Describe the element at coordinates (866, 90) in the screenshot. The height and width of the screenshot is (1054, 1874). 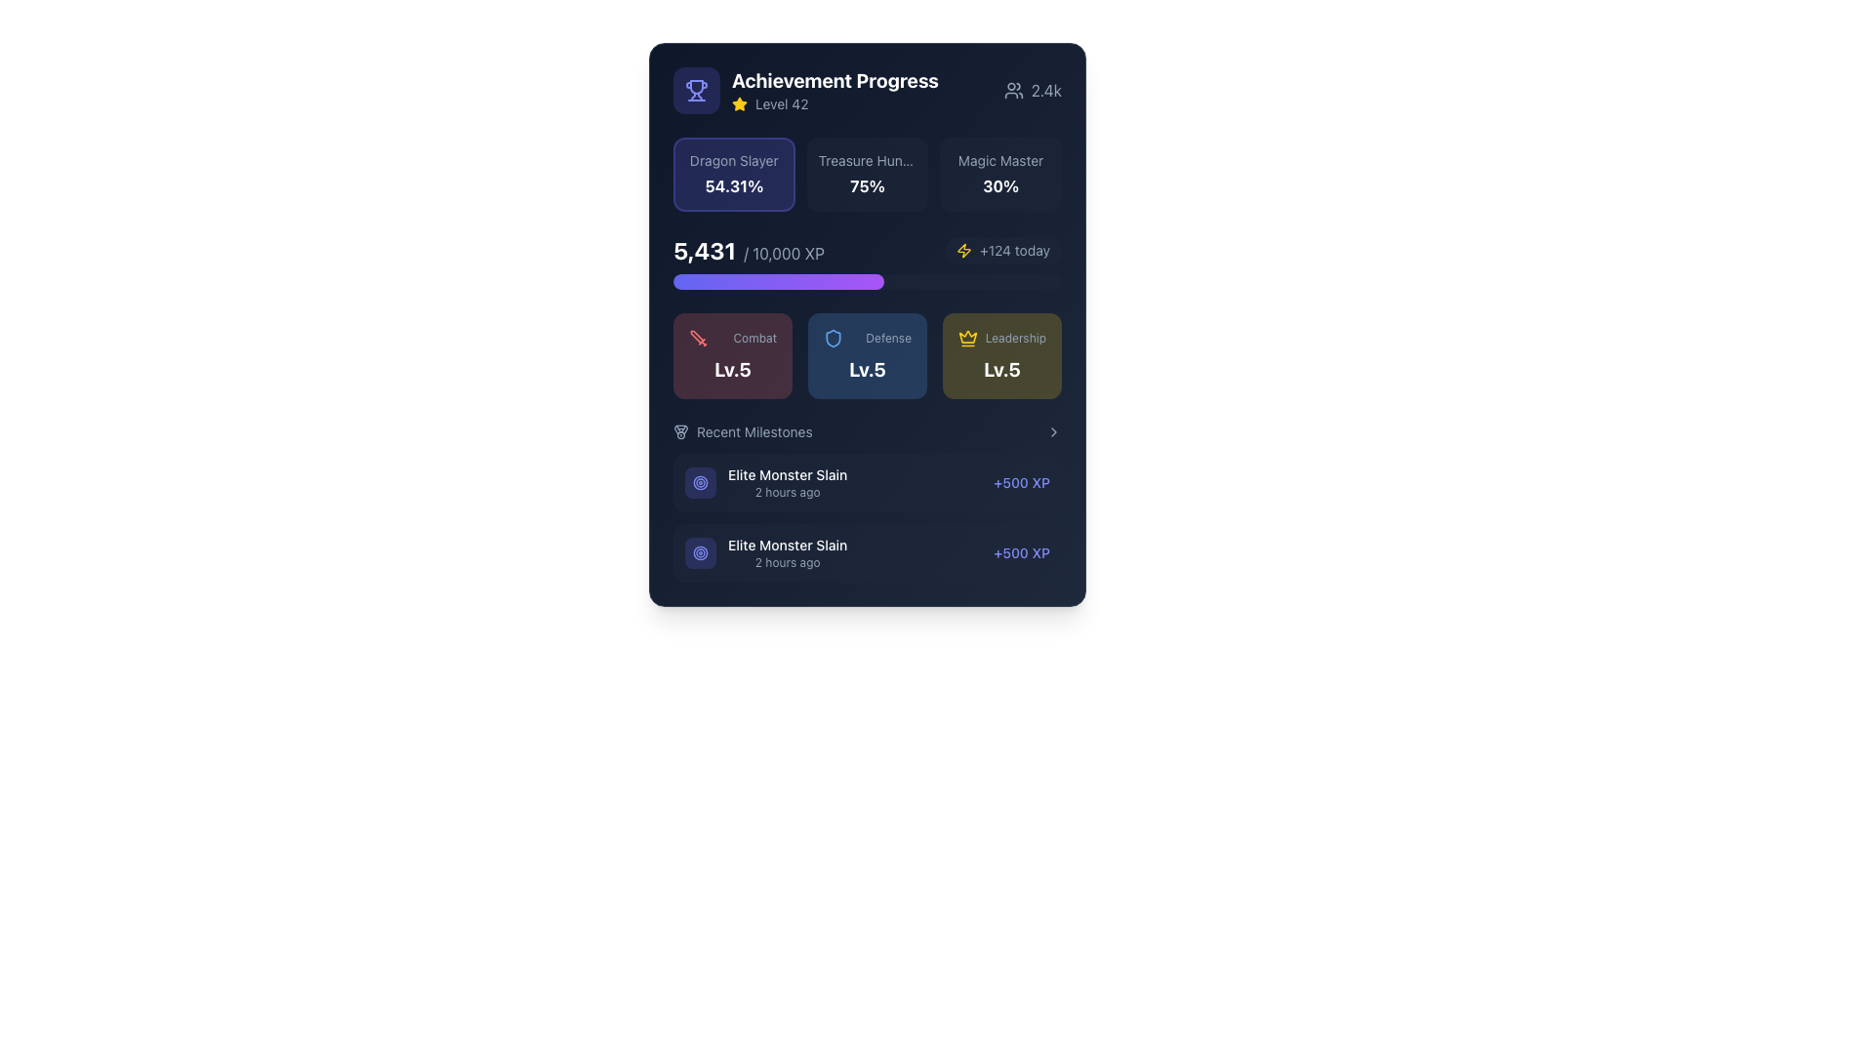
I see `the Header display section titled 'Achievement Progress' which features a bold white title, a yellow star icon, a trophy icon on the left, and a '2.4k' text with a user icon on the right, all set against a gradient dark theme` at that location.